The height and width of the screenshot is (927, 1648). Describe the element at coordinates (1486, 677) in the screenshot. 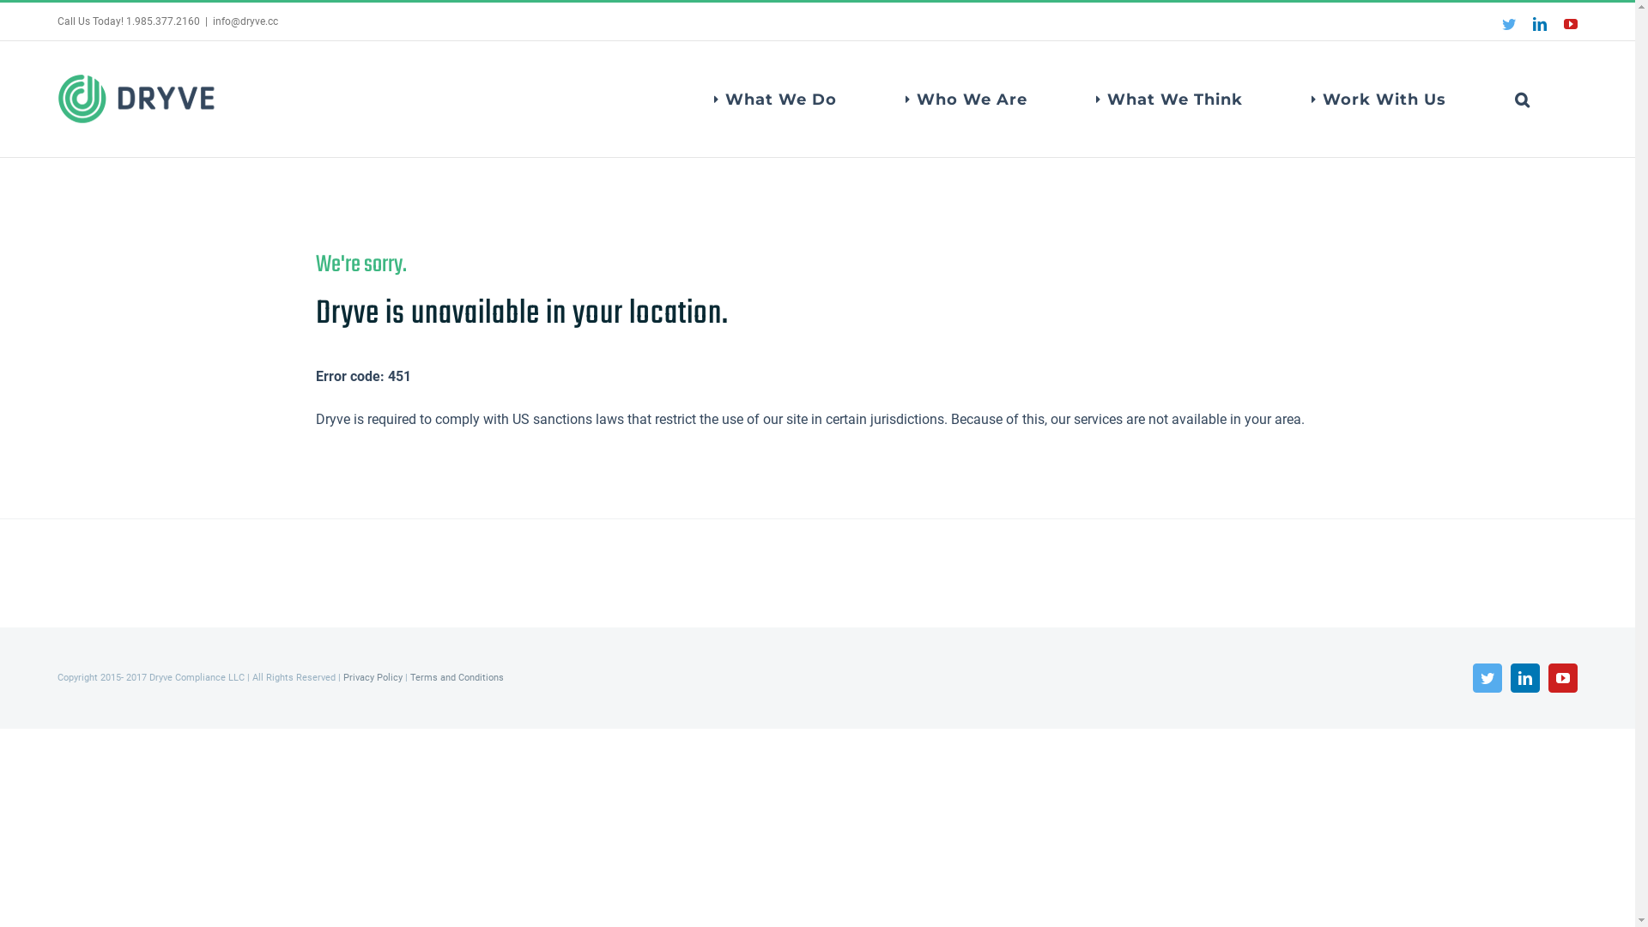

I see `'Twitter'` at that location.